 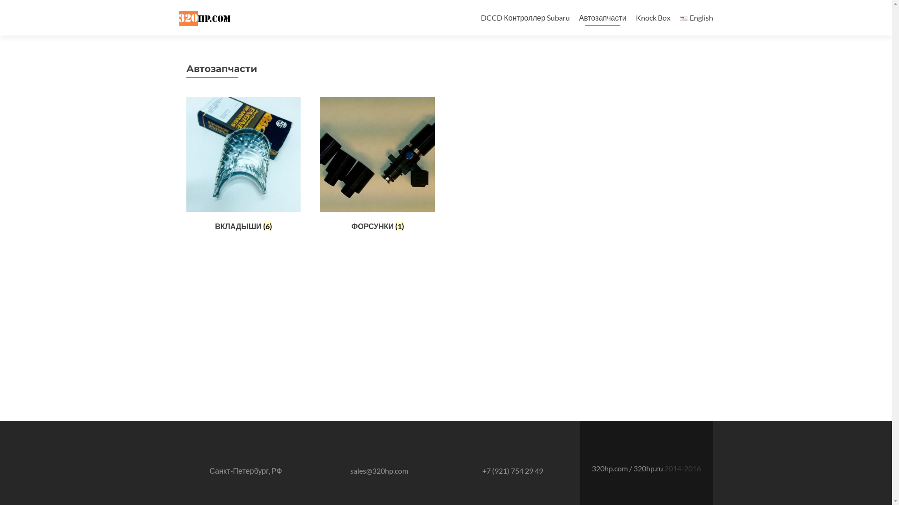 I want to click on 'Skip to content', so click(x=505, y=5).